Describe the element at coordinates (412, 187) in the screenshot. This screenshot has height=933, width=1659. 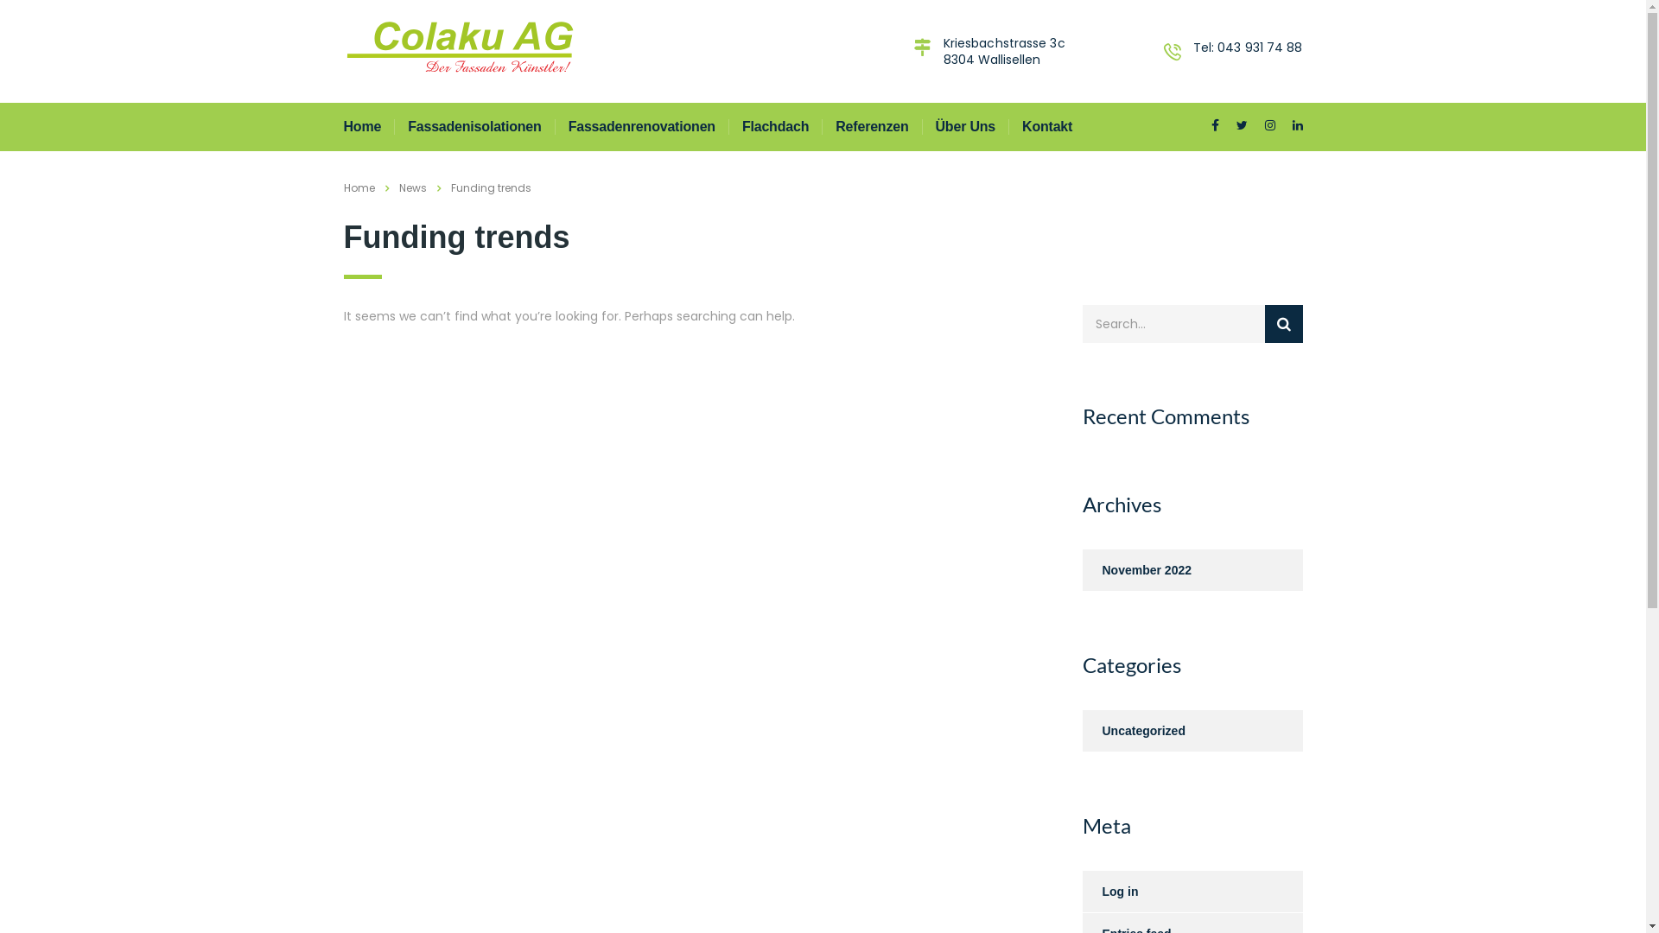
I see `'News'` at that location.